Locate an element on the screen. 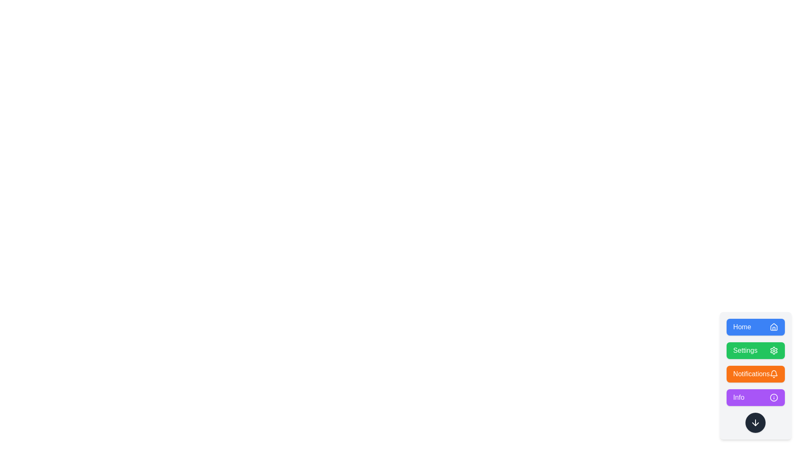 Image resolution: width=805 pixels, height=453 pixels. the button labeled Settings to observe the scale animation effect is located at coordinates (755, 351).